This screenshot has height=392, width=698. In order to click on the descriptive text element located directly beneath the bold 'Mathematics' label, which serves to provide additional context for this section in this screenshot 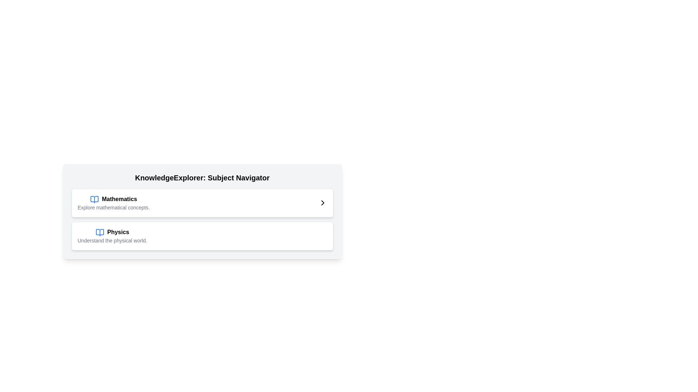, I will do `click(113, 207)`.